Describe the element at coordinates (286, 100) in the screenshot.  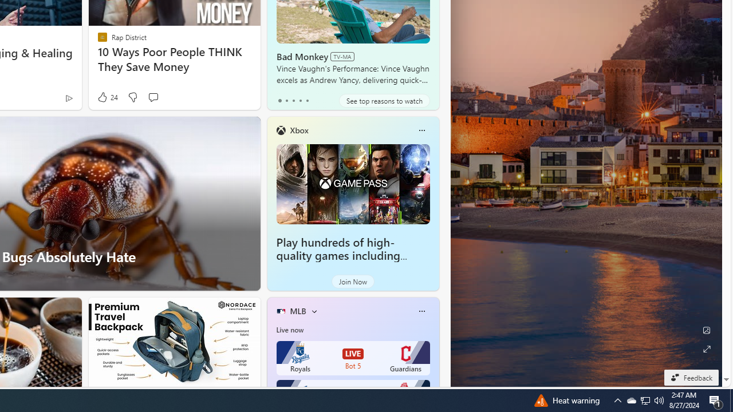
I see `'tab-1'` at that location.